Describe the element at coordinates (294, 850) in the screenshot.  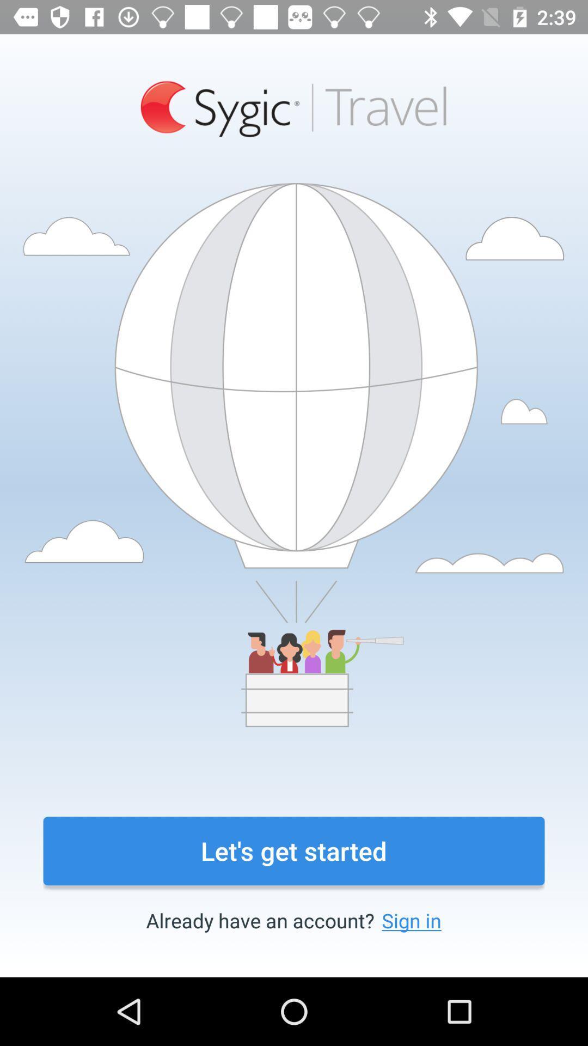
I see `the icon above the already have an item` at that location.